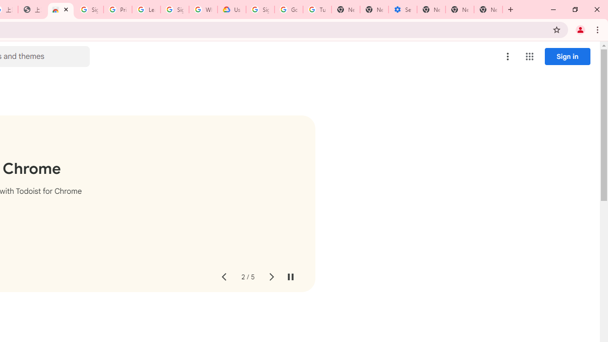 The width and height of the screenshot is (608, 342). Describe the element at coordinates (290, 277) in the screenshot. I see `'Pause auto-play'` at that location.